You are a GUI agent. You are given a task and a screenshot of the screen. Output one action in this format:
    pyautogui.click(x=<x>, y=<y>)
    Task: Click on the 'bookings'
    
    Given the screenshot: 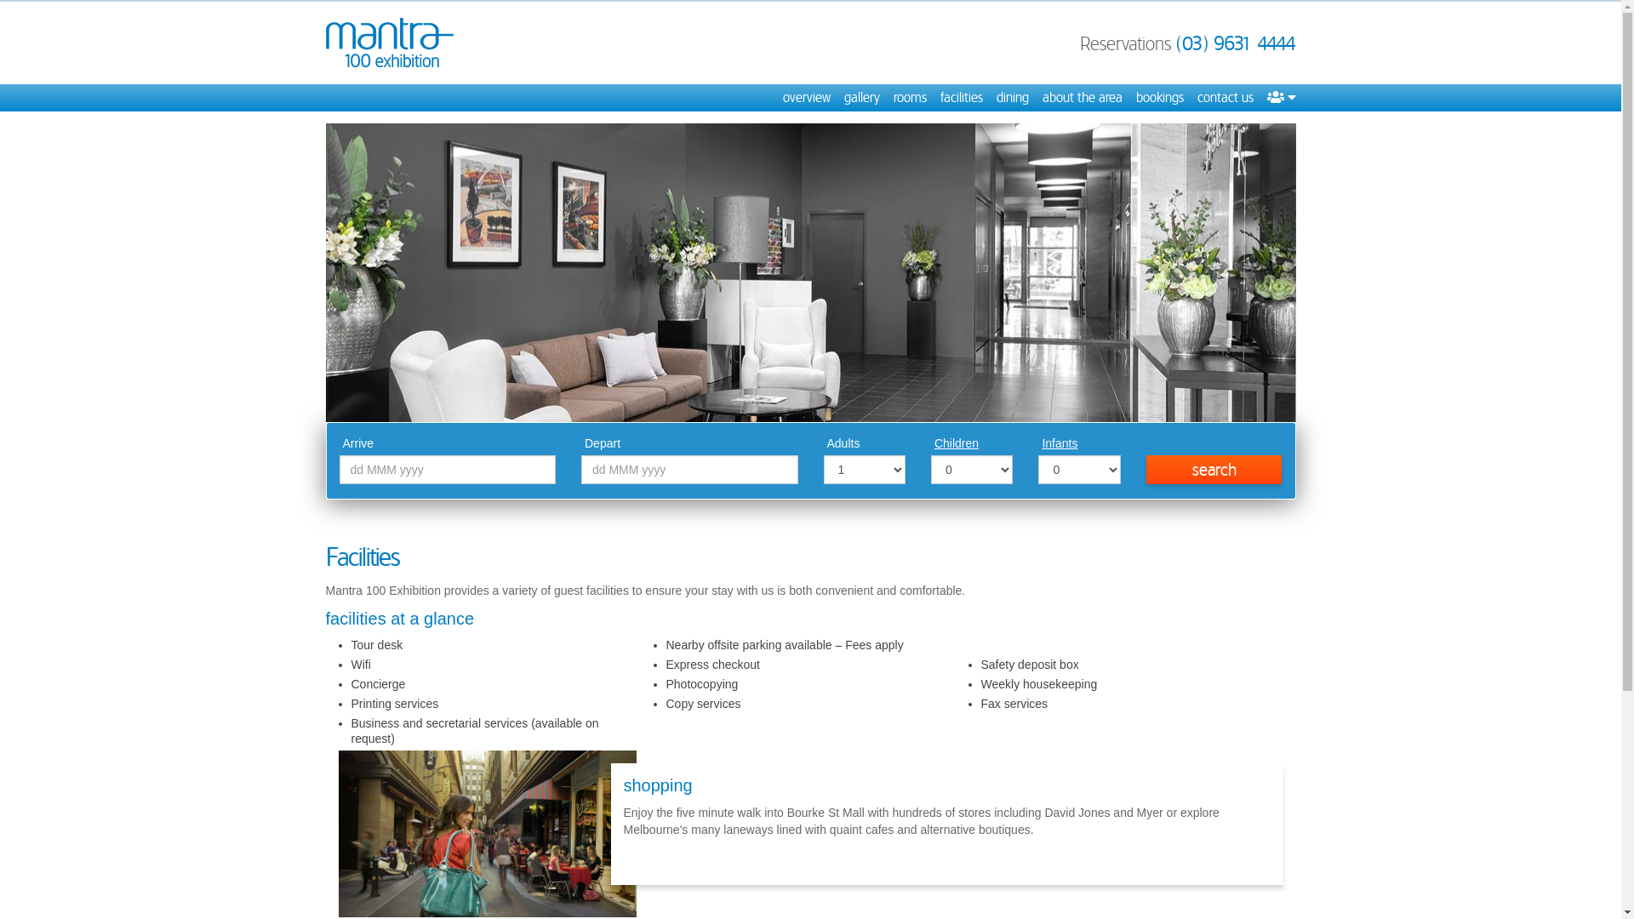 What is the action you would take?
    pyautogui.click(x=1158, y=98)
    